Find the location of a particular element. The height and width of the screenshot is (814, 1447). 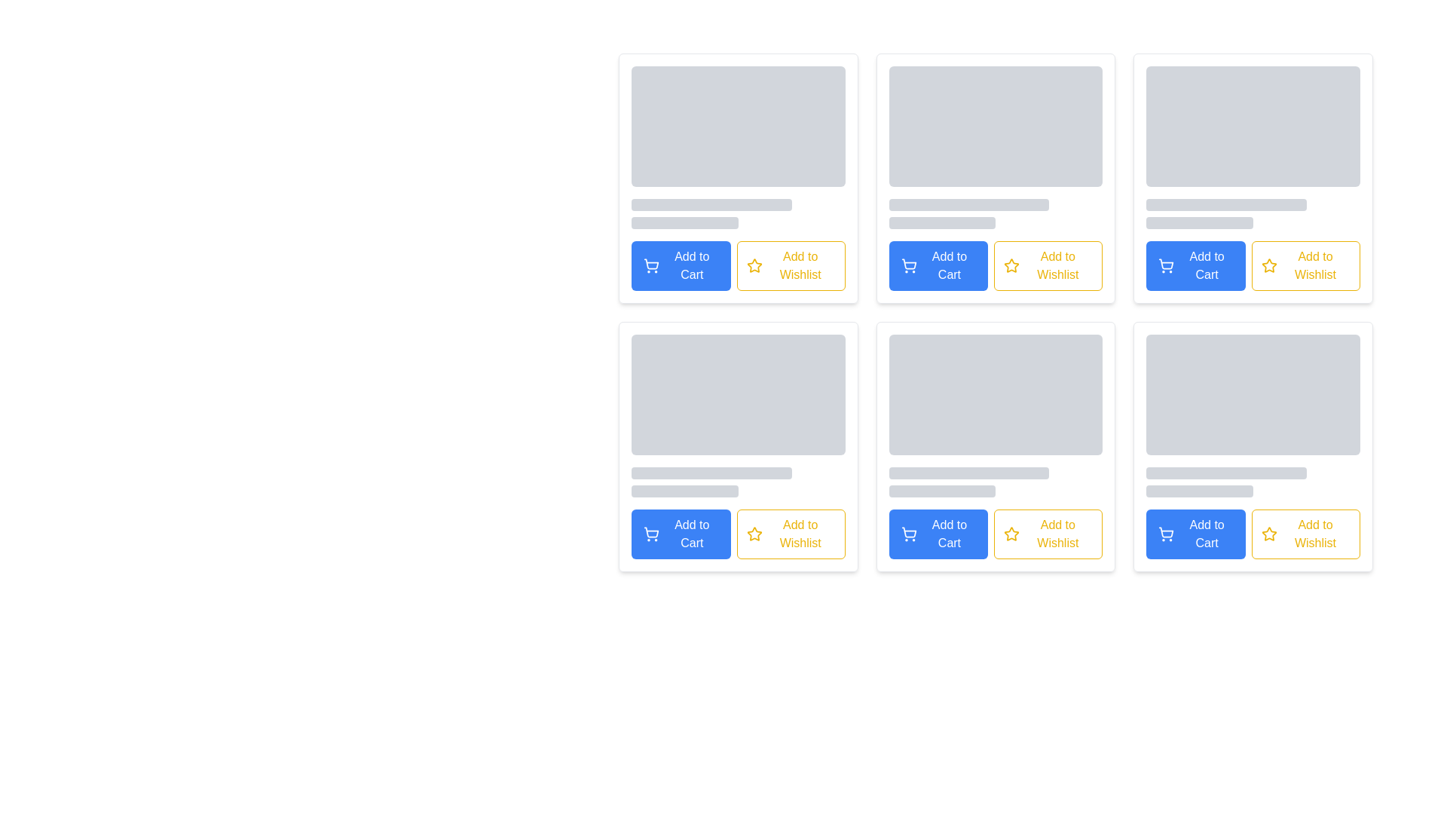

the 'Add to Wishlist' button is located at coordinates (1048, 534).